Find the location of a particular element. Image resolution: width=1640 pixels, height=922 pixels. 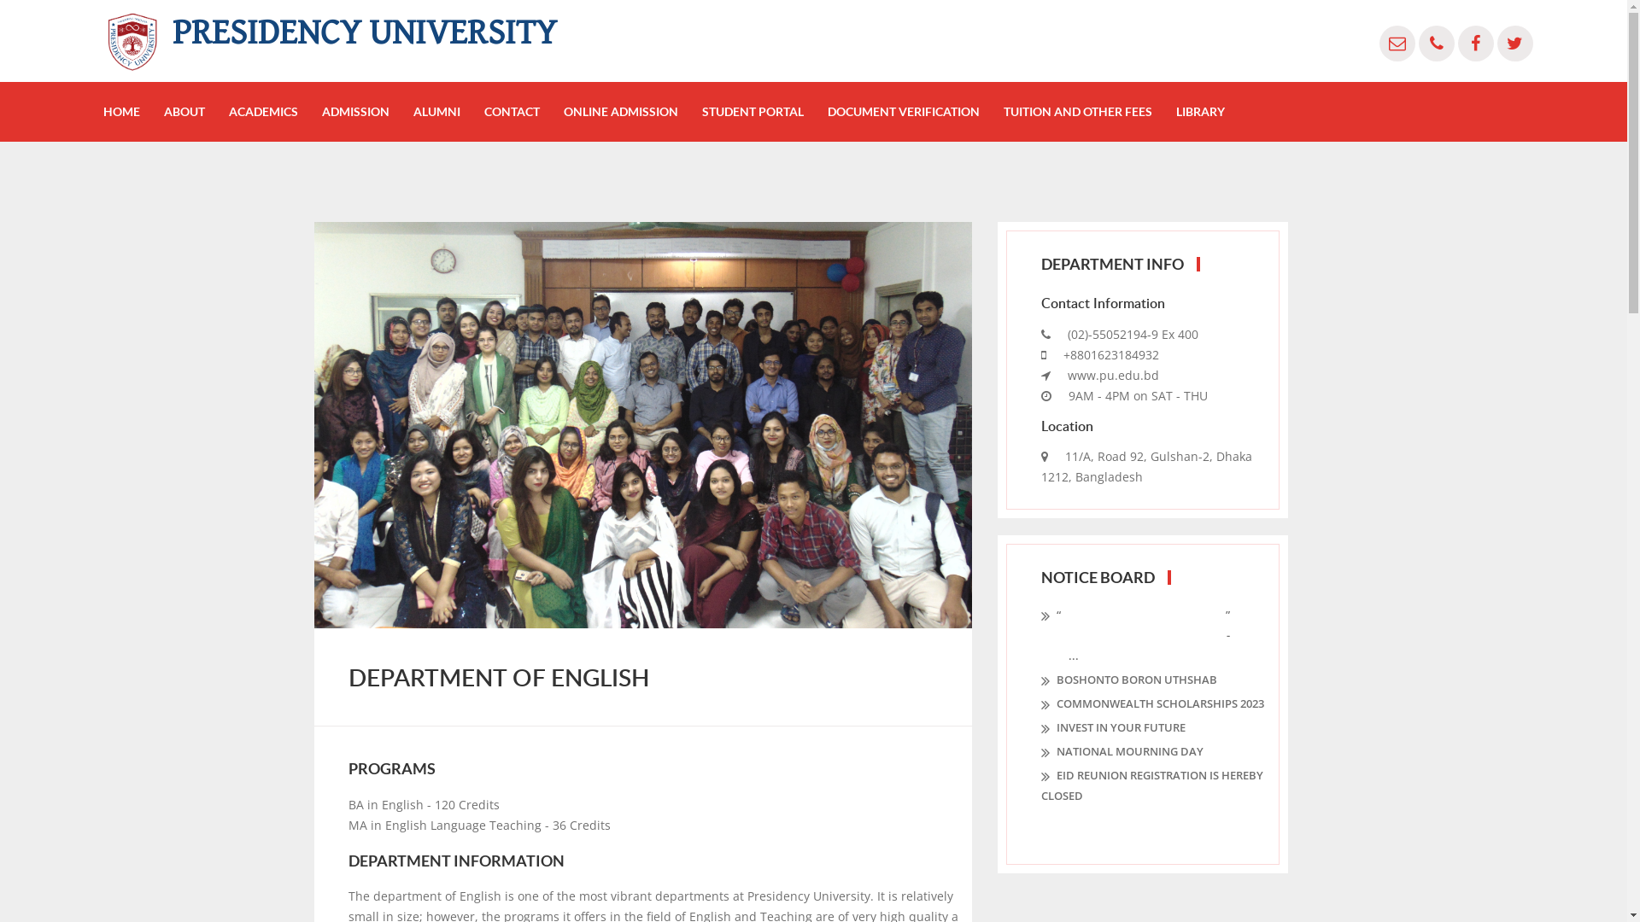

'DOCUMENT VERIFICATION' is located at coordinates (902, 112).